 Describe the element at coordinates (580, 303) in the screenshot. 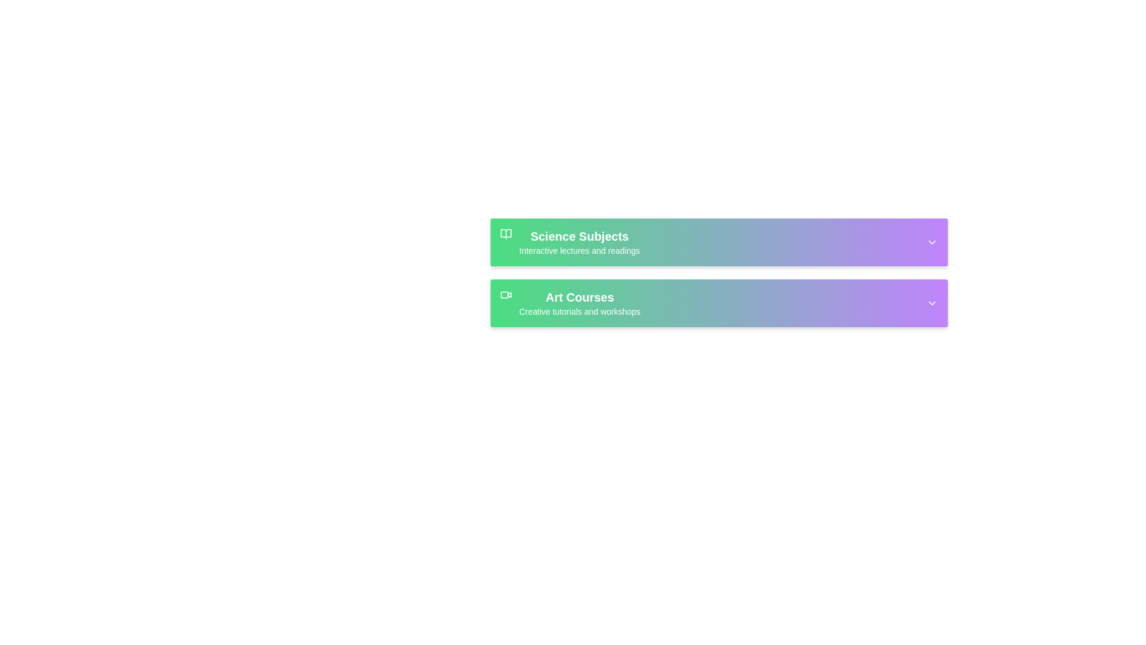

I see `the label for 'Art Courses' which provides additional details about 'Creative tutorials and workshops'` at that location.